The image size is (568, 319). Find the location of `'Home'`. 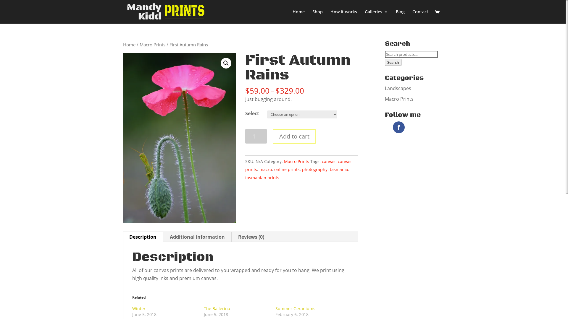

'Home' is located at coordinates (129, 44).